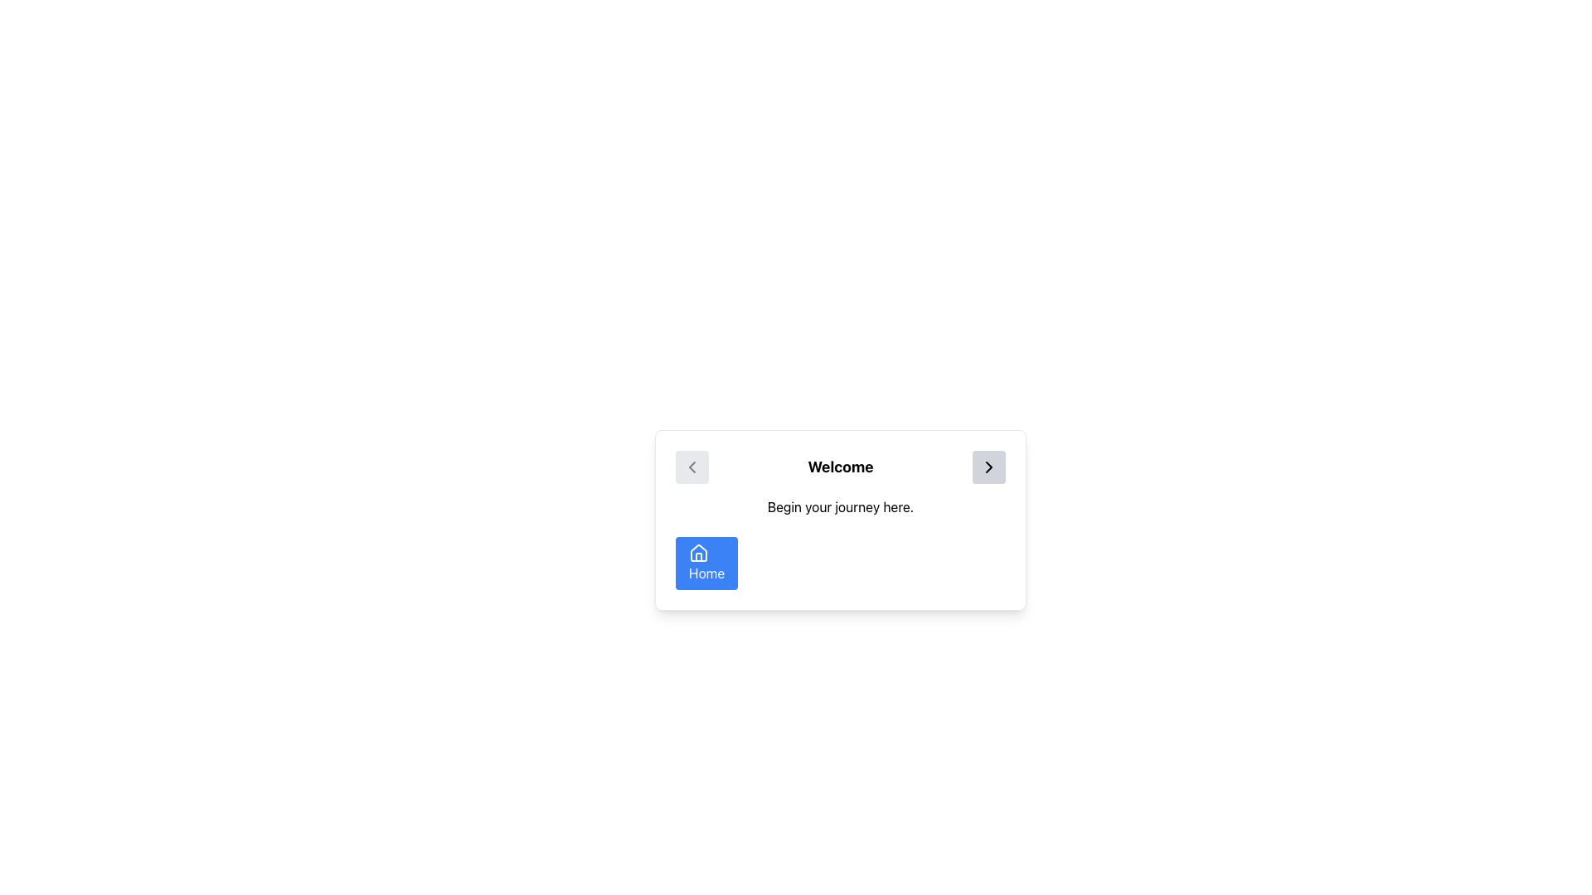 This screenshot has height=895, width=1592. I want to click on the button with a rightward-facing arrow icon, located next to the 'Welcome' text, so click(988, 467).